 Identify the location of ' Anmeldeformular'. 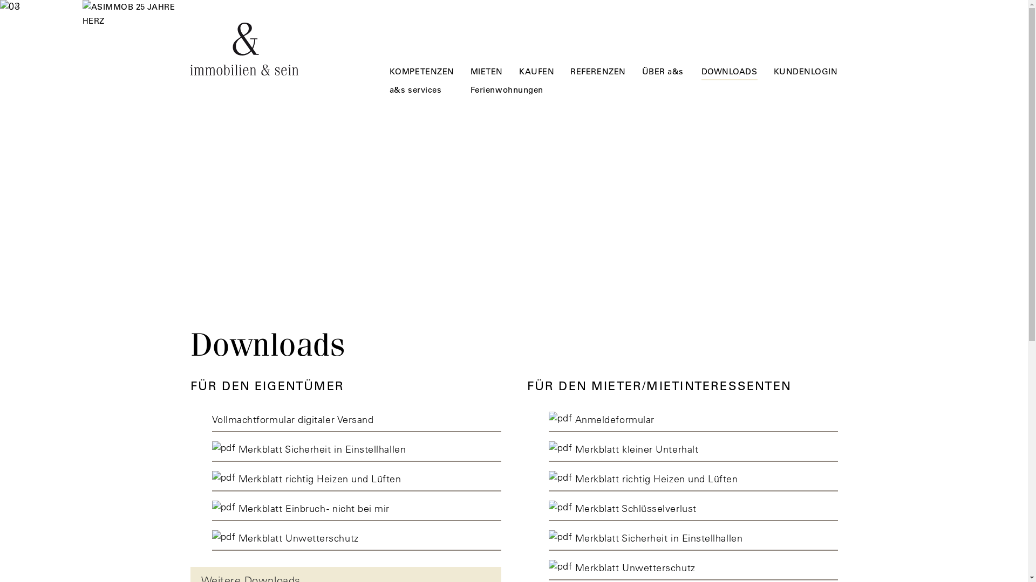
(692, 419).